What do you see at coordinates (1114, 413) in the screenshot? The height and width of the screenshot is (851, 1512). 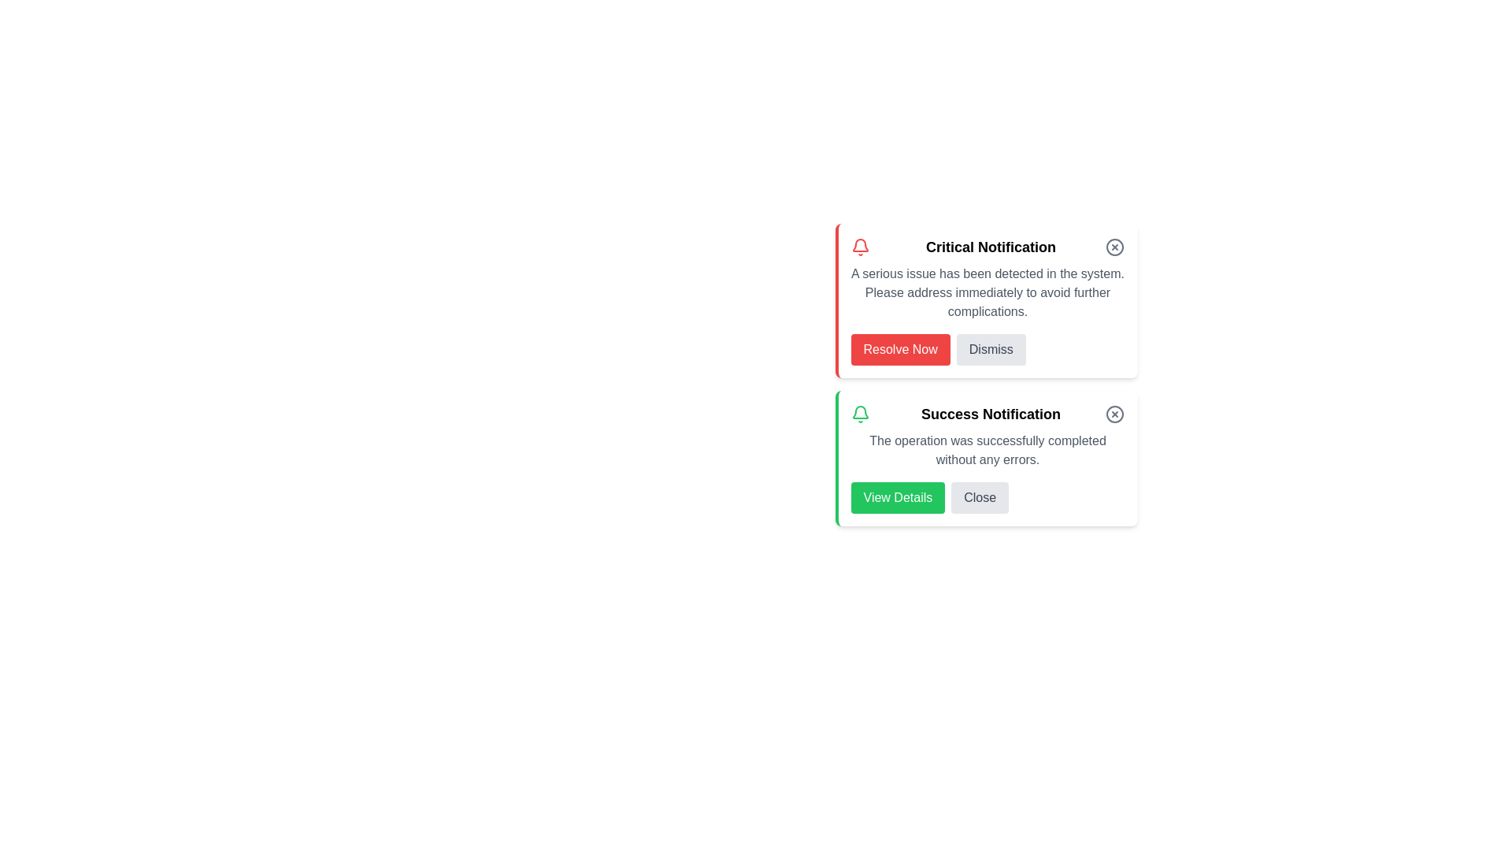 I see `the small circular button with an 'X' icon inside, located at the far-right side of the 'Success Notification' card` at bounding box center [1114, 413].